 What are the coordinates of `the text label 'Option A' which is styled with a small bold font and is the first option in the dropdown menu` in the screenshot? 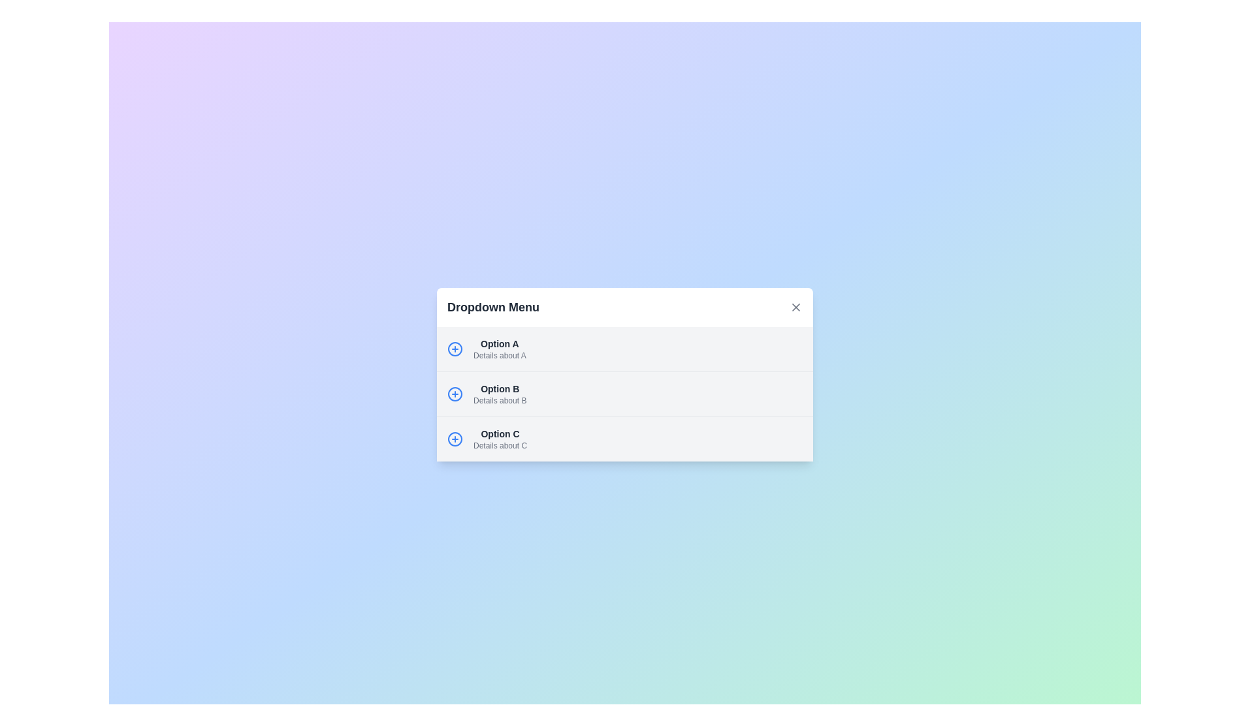 It's located at (499, 343).